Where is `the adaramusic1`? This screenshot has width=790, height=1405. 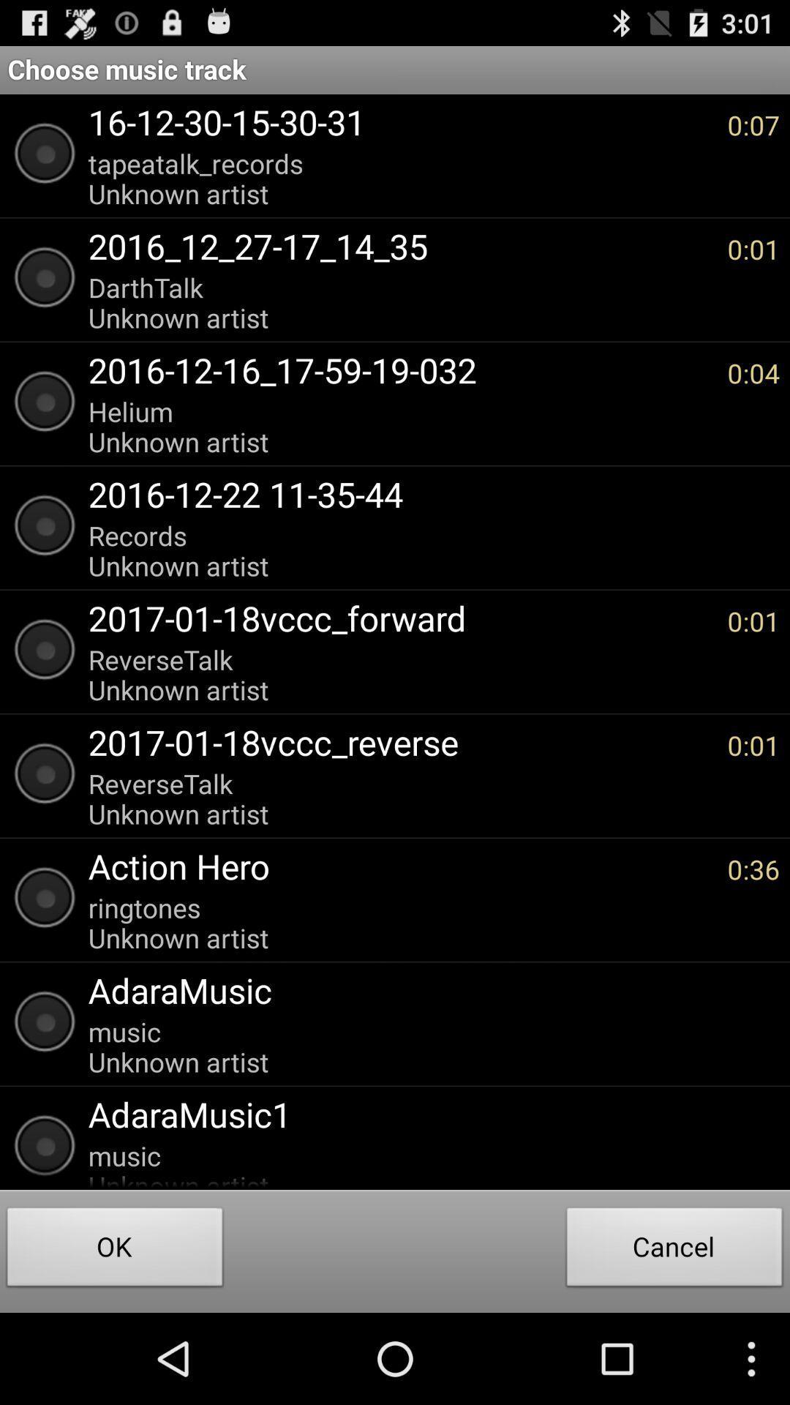 the adaramusic1 is located at coordinates (426, 1113).